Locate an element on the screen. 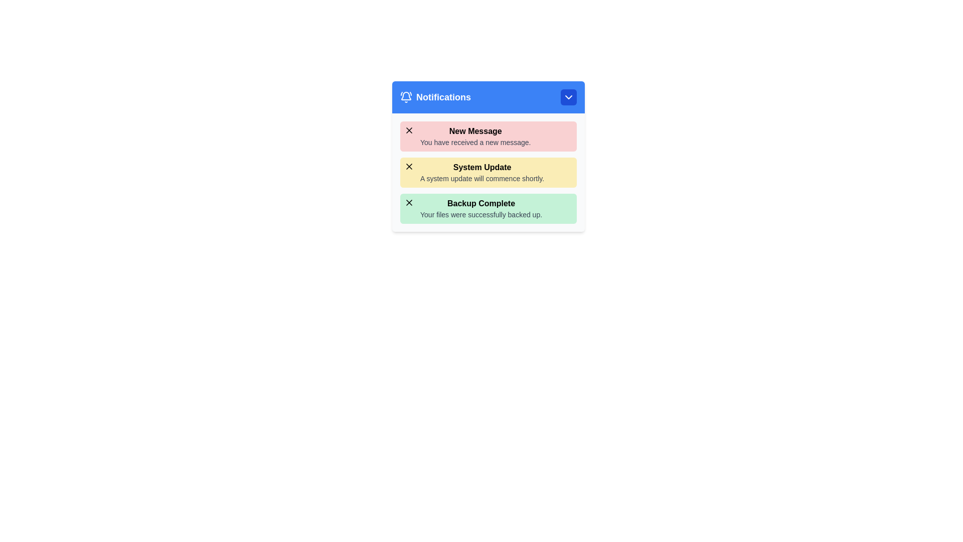 This screenshot has width=963, height=542. the second text component within the notification block that confirms files were successfully backed up, located below the 'Backup Complete' bold text is located at coordinates (480, 214).